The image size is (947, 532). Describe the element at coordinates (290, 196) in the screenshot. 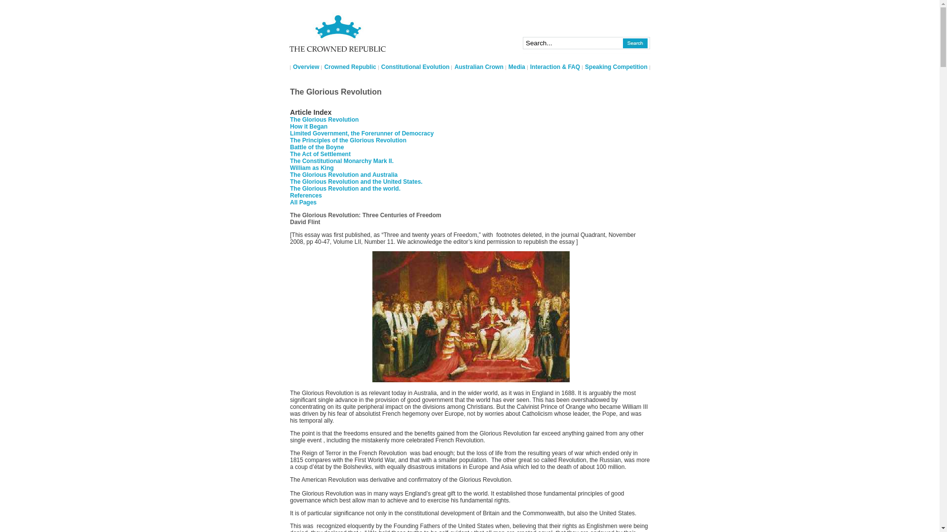

I see `'References'` at that location.